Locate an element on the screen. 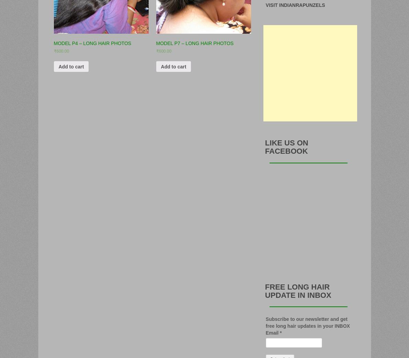 The height and width of the screenshot is (358, 409). 'Email' is located at coordinates (265, 332).